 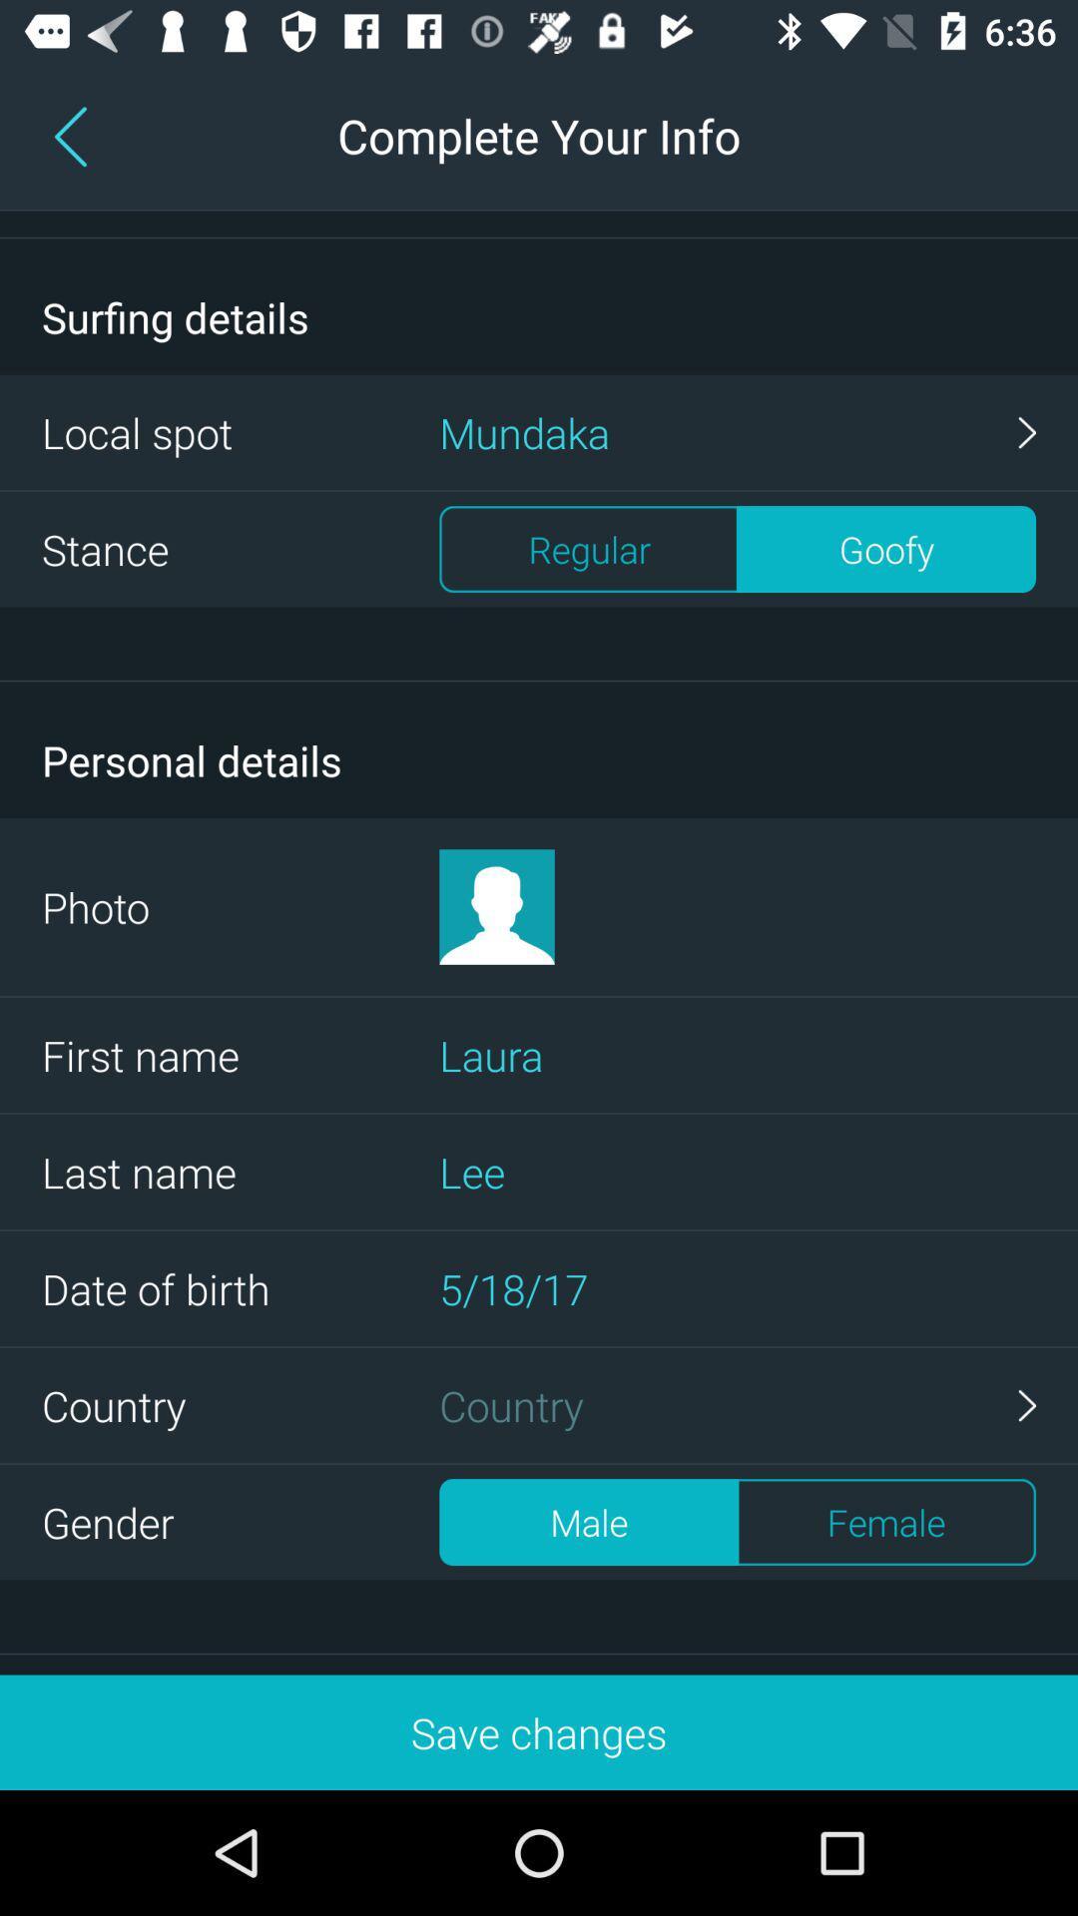 What do you see at coordinates (74, 135) in the screenshot?
I see `the arrow_backward icon` at bounding box center [74, 135].